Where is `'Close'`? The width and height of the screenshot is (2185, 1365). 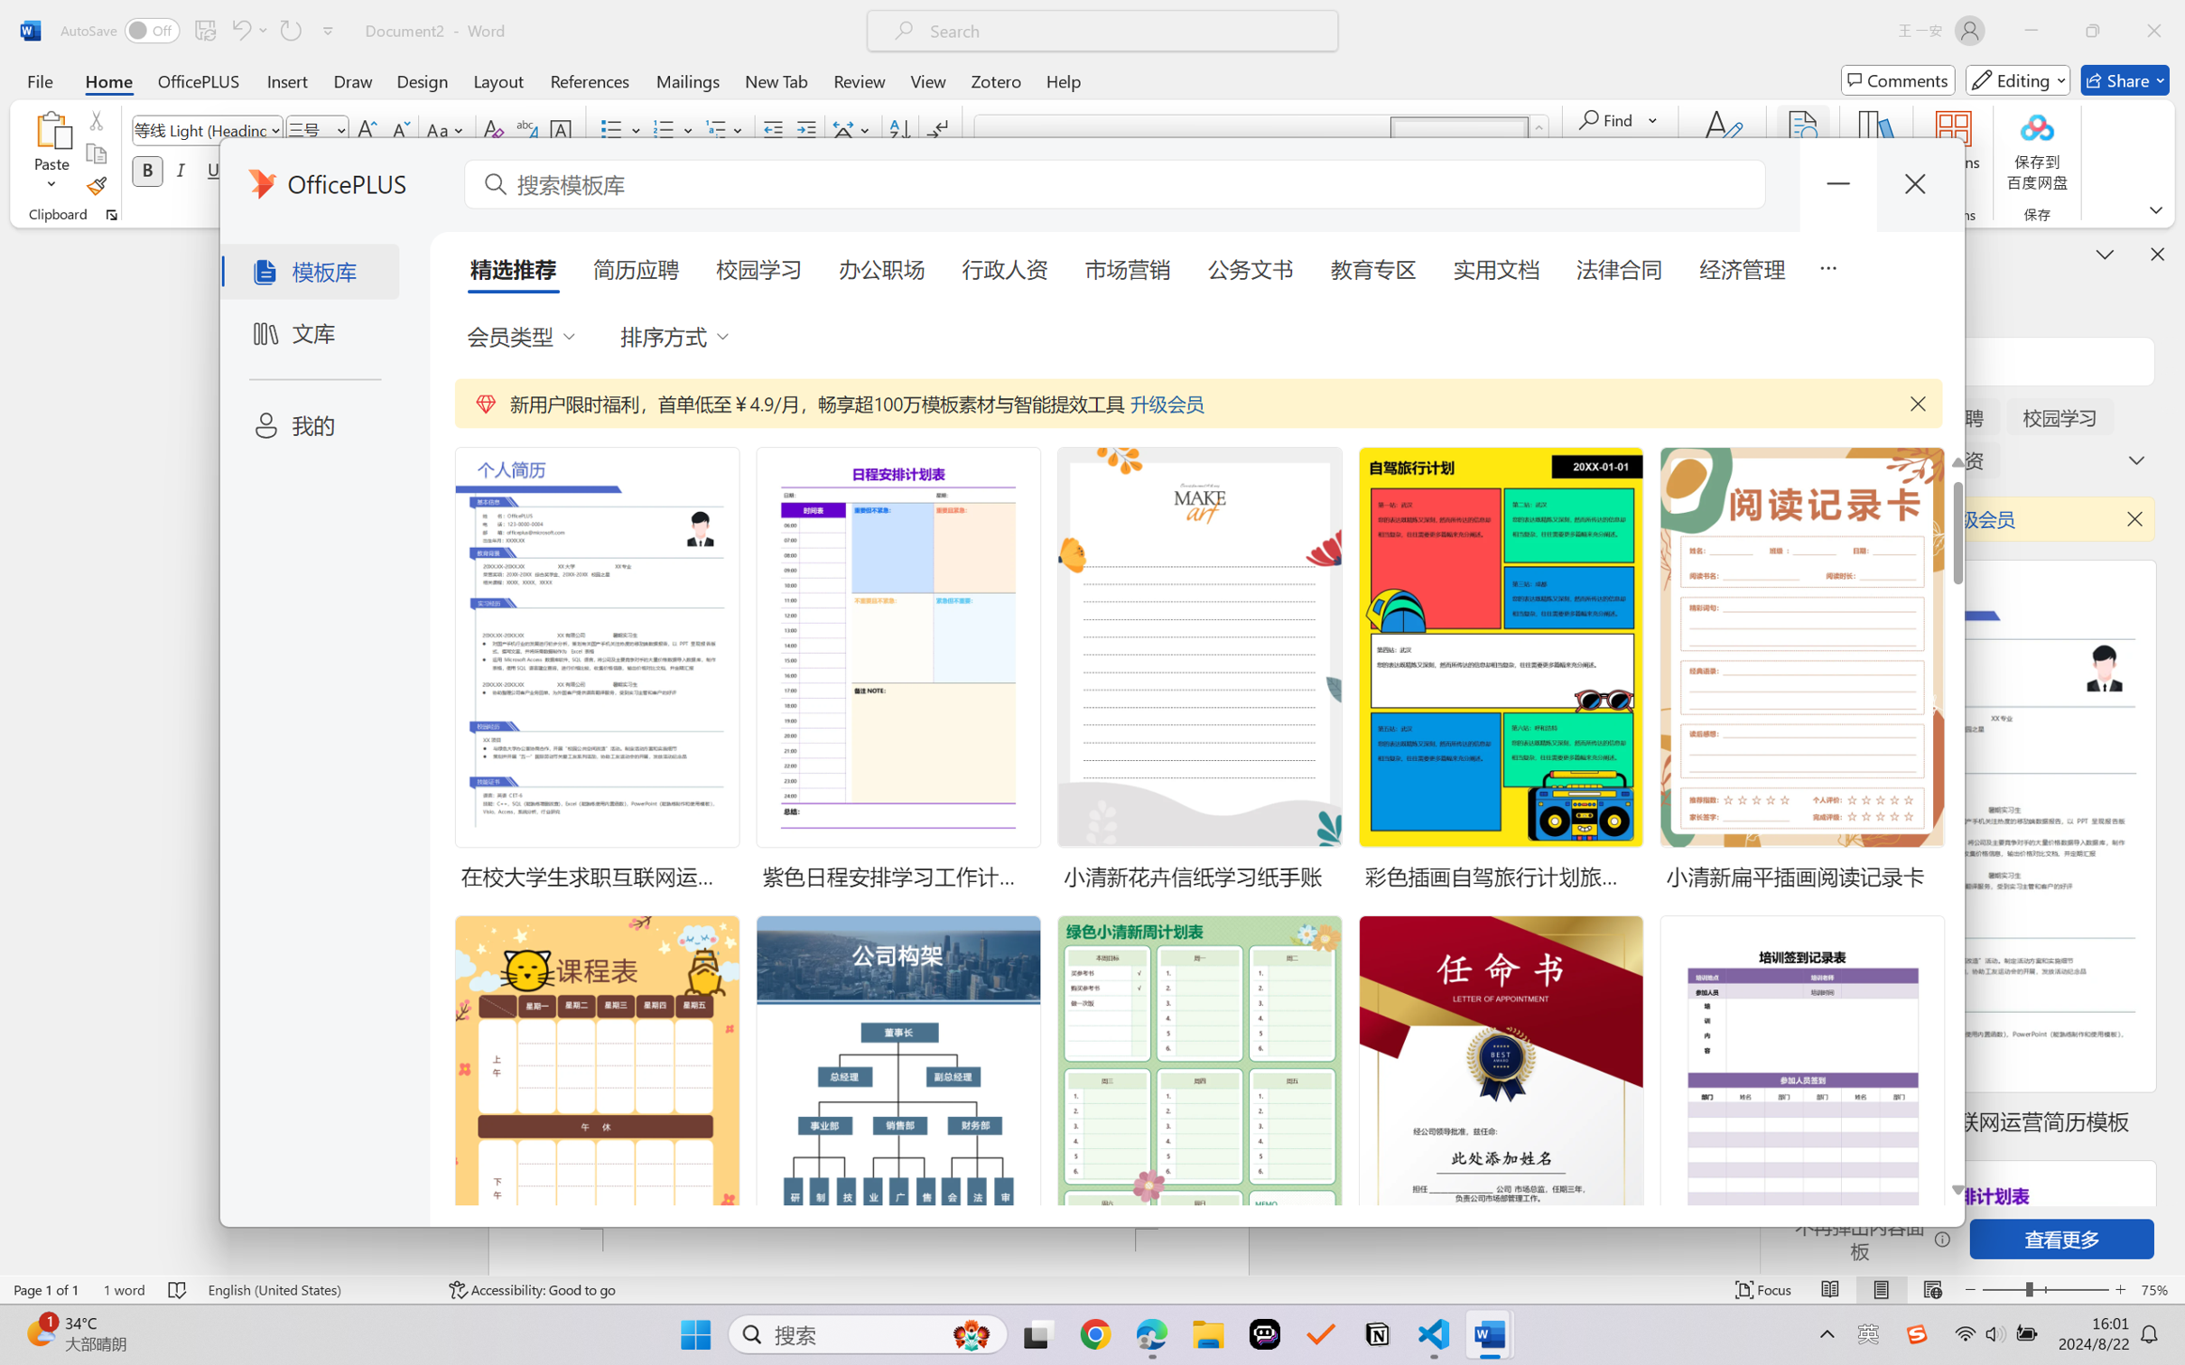 'Close' is located at coordinates (2153, 30).